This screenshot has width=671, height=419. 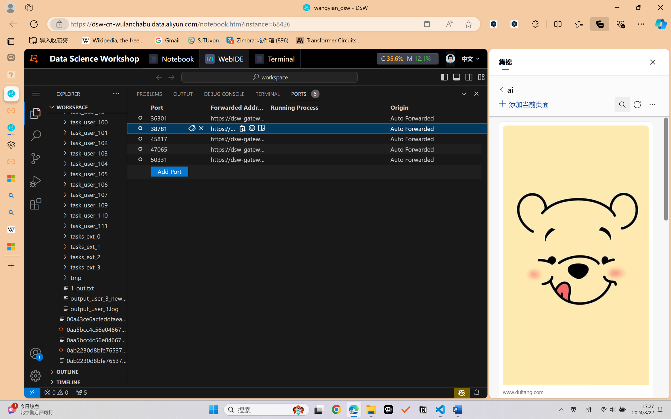 What do you see at coordinates (114, 40) in the screenshot?
I see `'Wikipedia, the free encyclopedia'` at bounding box center [114, 40].